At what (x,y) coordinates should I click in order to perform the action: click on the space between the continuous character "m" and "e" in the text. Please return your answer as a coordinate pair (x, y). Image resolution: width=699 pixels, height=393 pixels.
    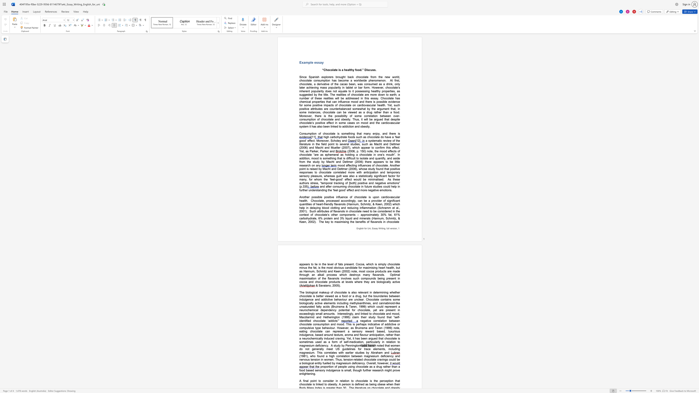
    Looking at the image, I should click on (358, 108).